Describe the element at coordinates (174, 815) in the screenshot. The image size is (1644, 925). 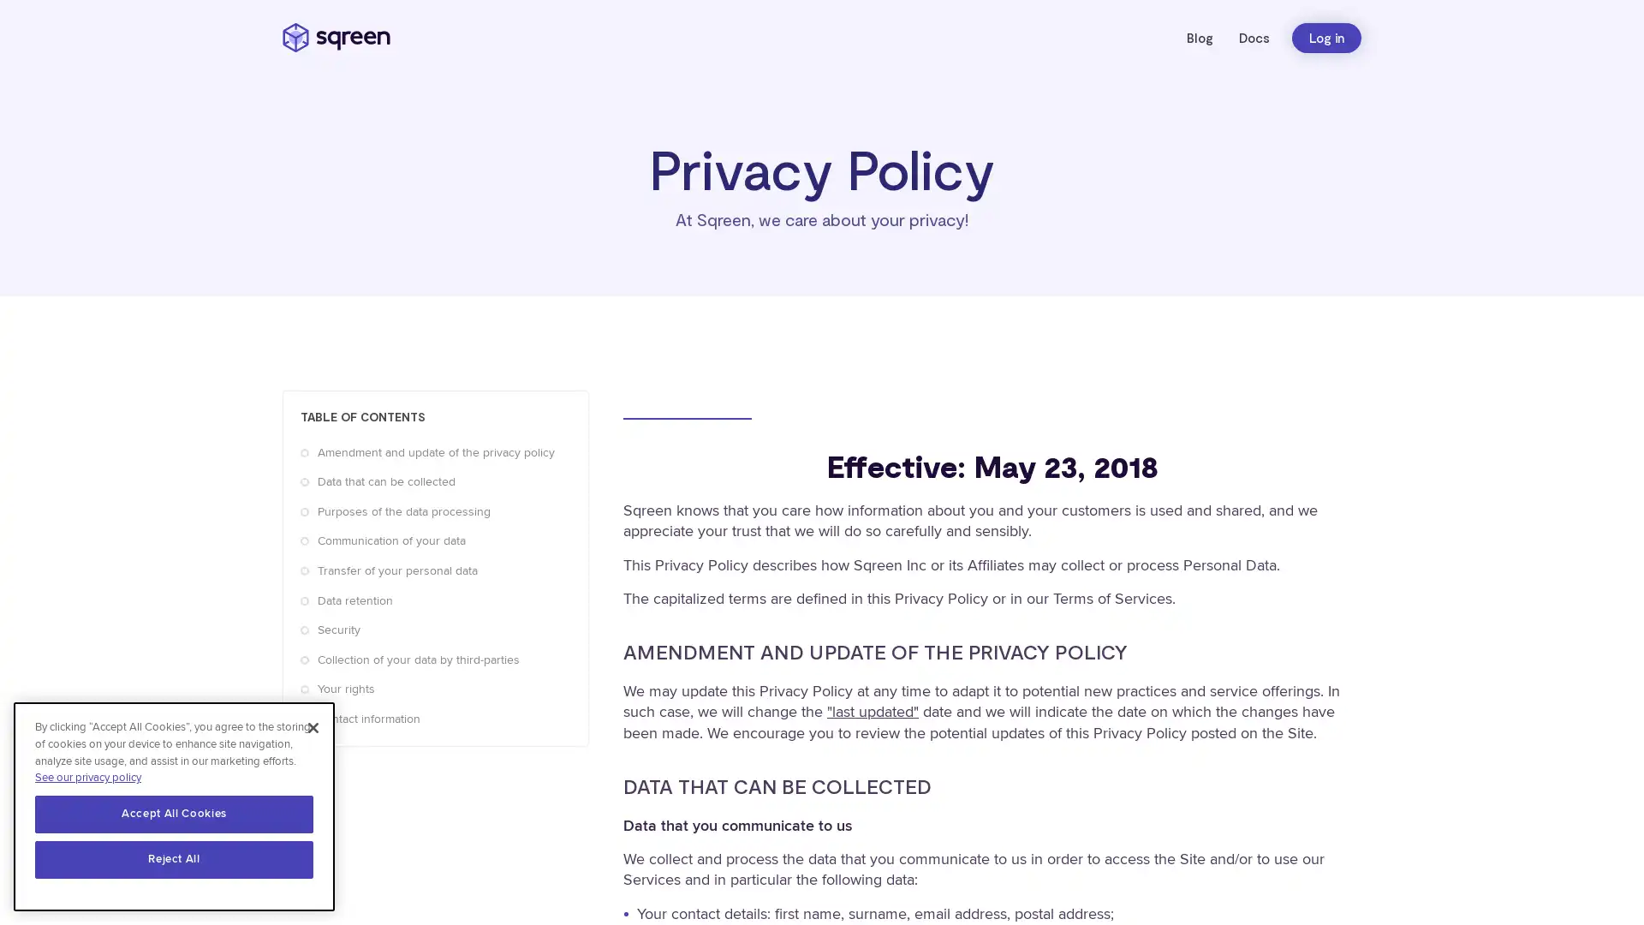
I see `Accept All Cookies` at that location.